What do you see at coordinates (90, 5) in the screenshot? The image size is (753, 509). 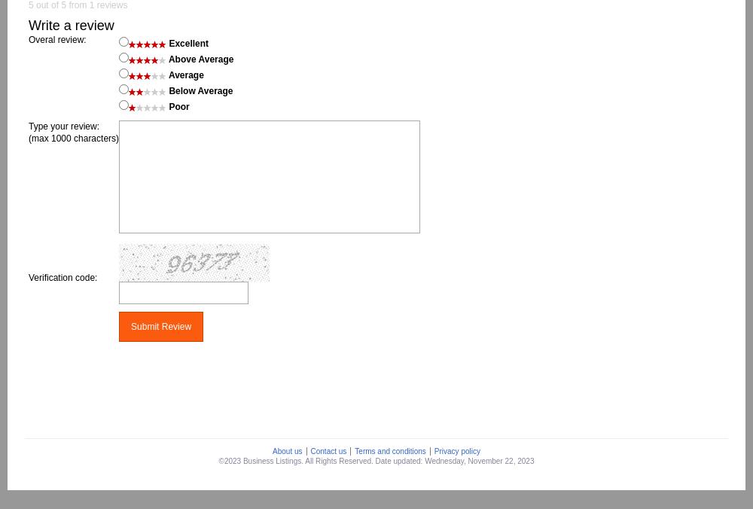 I see `'1'` at bounding box center [90, 5].